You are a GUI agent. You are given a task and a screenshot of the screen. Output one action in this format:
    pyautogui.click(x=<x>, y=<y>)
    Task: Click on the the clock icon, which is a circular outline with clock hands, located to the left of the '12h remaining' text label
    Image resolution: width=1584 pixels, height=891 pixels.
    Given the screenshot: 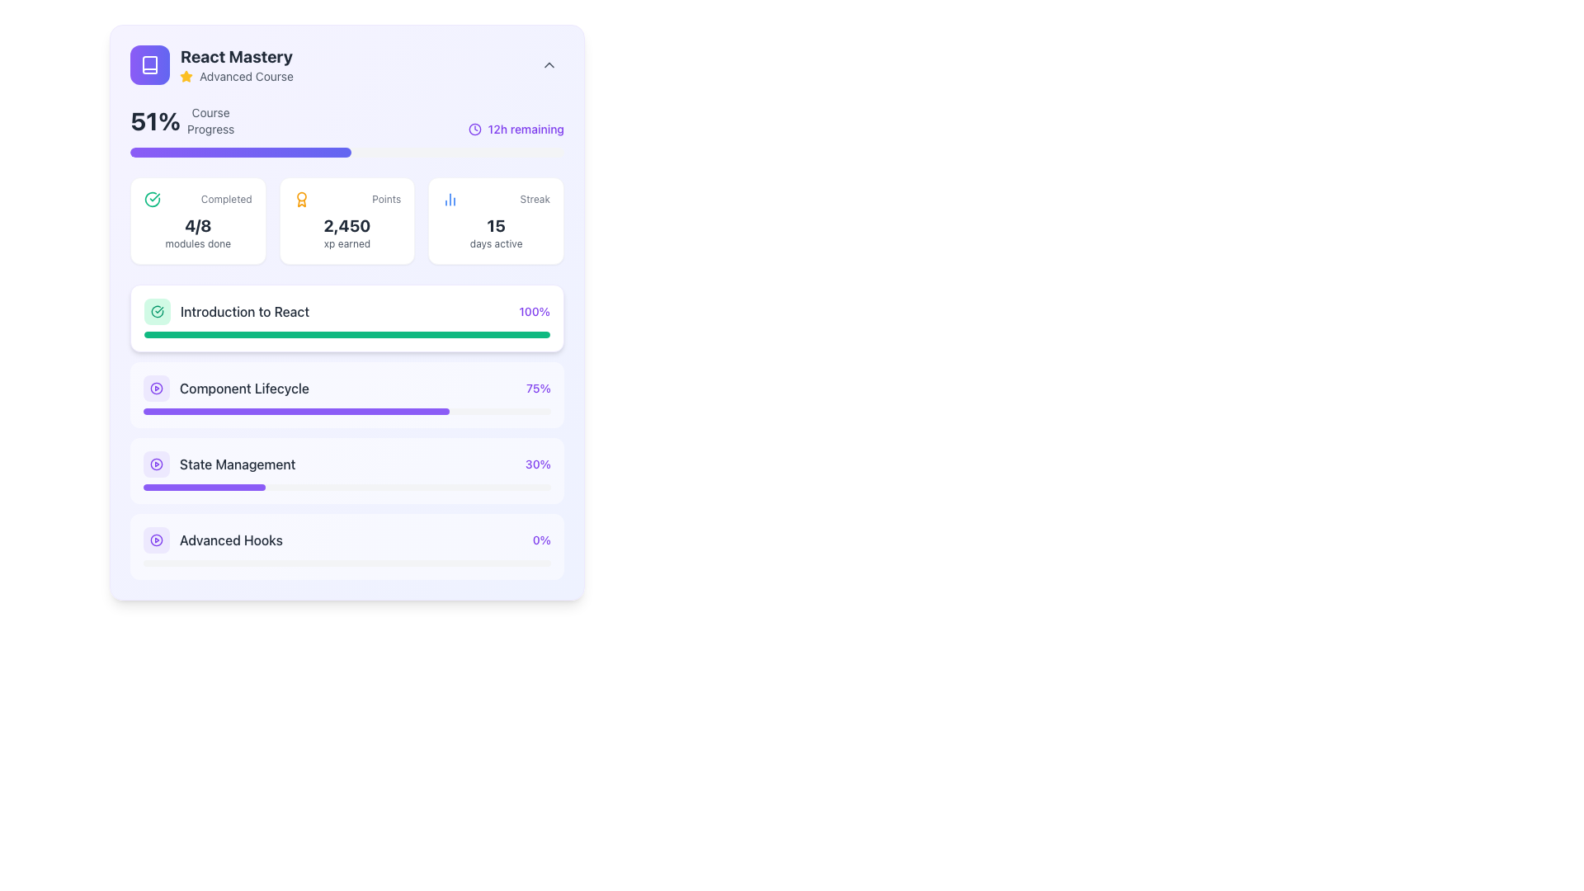 What is the action you would take?
    pyautogui.click(x=474, y=129)
    